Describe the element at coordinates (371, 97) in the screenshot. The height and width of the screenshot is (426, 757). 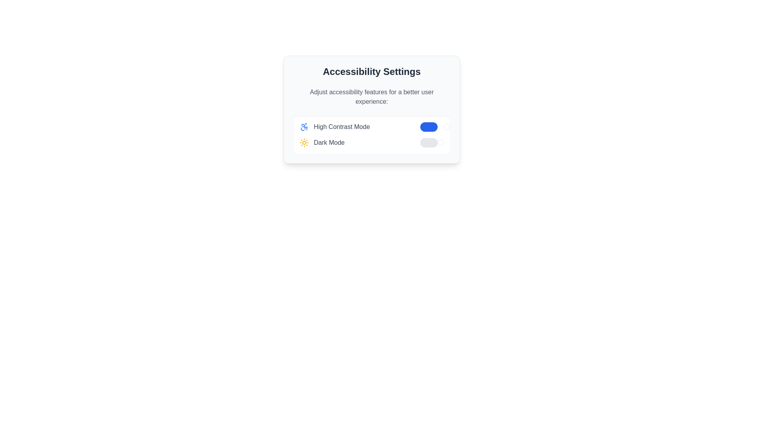
I see `the informational text located under the 'Accessibility Settings' title, which provides context about the accessibility settings panel` at that location.